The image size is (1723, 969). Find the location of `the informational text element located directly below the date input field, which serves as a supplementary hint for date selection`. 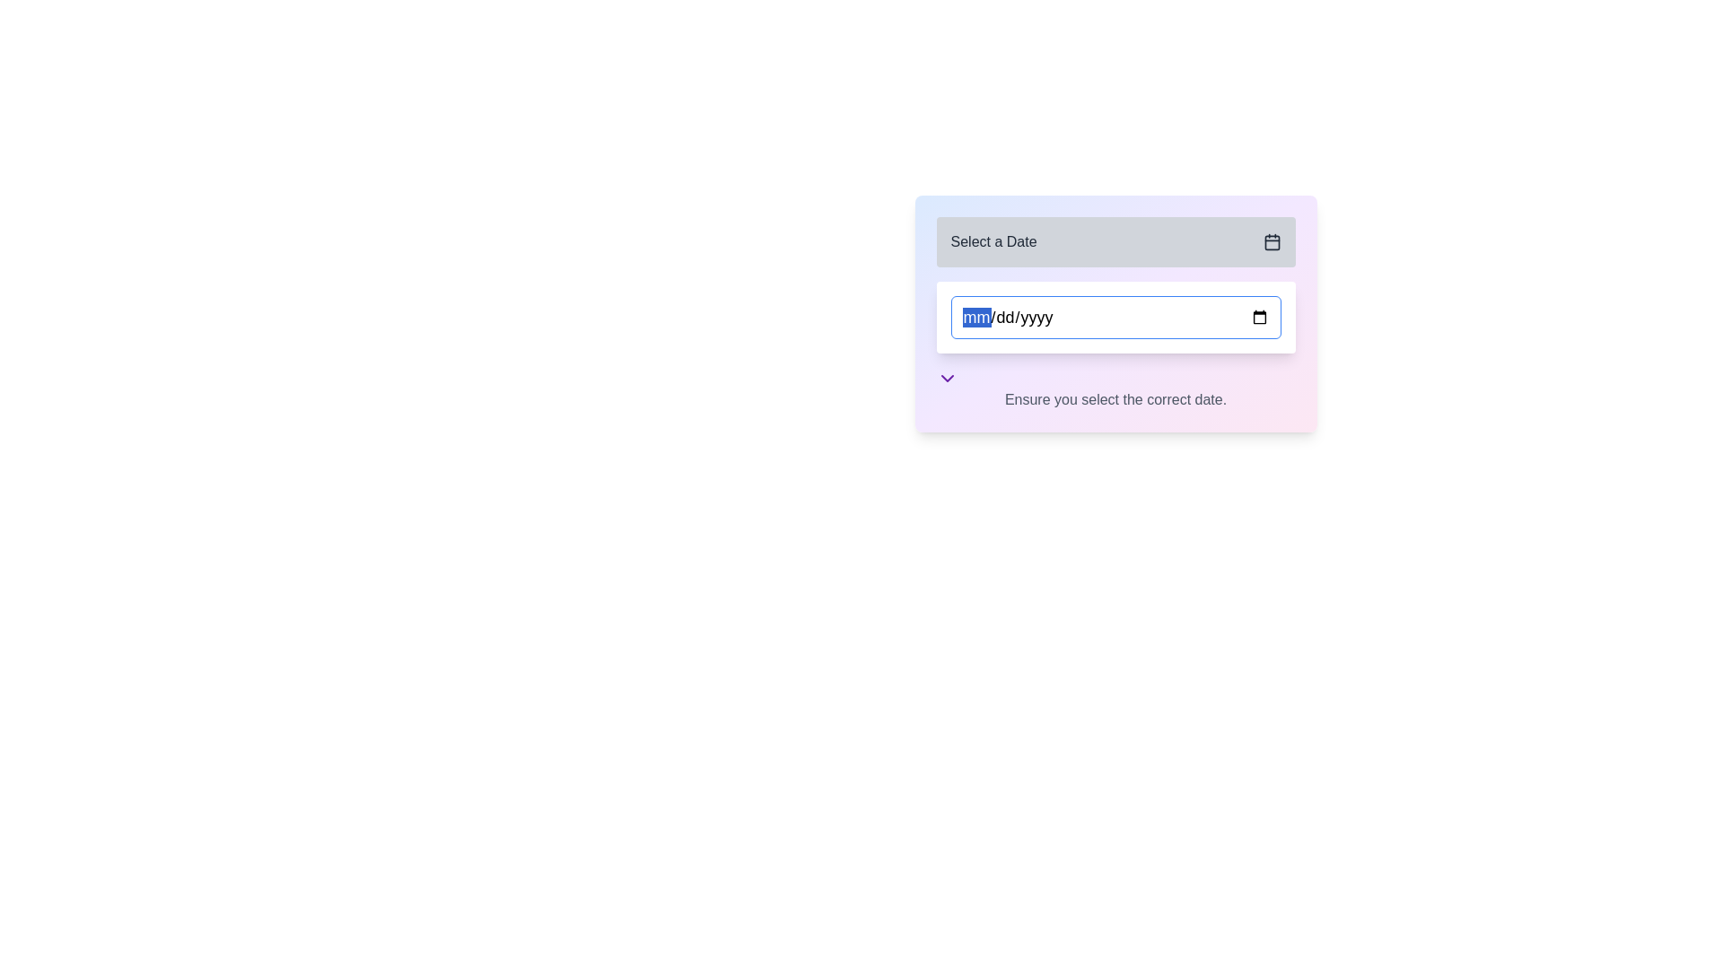

the informational text element located directly below the date input field, which serves as a supplementary hint for date selection is located at coordinates (1115, 388).